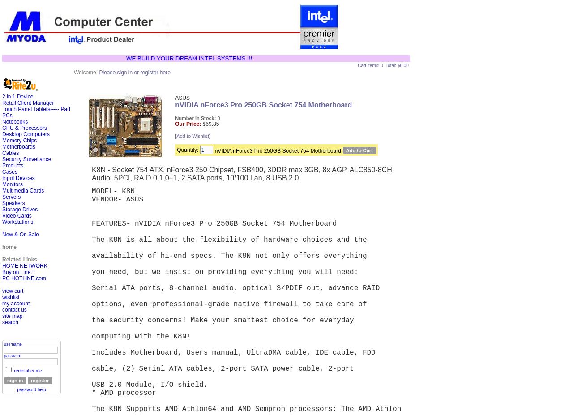 The height and width of the screenshot is (415, 582). What do you see at coordinates (12, 344) in the screenshot?
I see `'username'` at bounding box center [12, 344].